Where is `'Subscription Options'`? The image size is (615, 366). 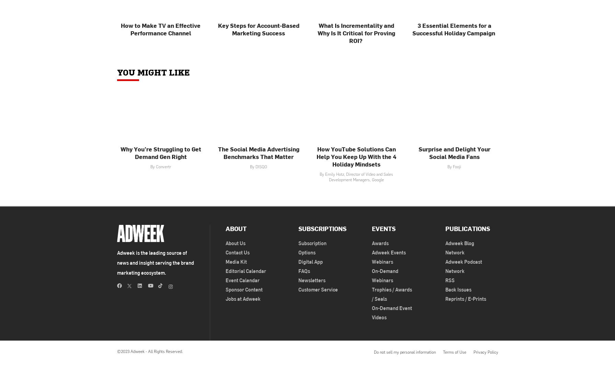
'Subscription Options' is located at coordinates (298, 247).